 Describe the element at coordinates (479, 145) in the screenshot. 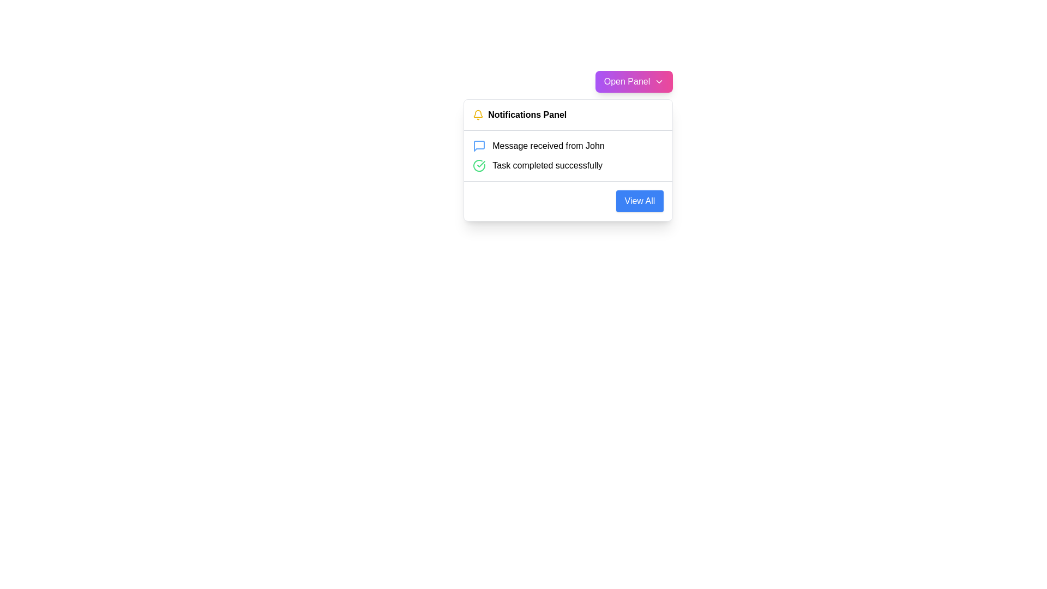

I see `the speech bubble icon in the notification dropdown that indicates a message from John` at that location.